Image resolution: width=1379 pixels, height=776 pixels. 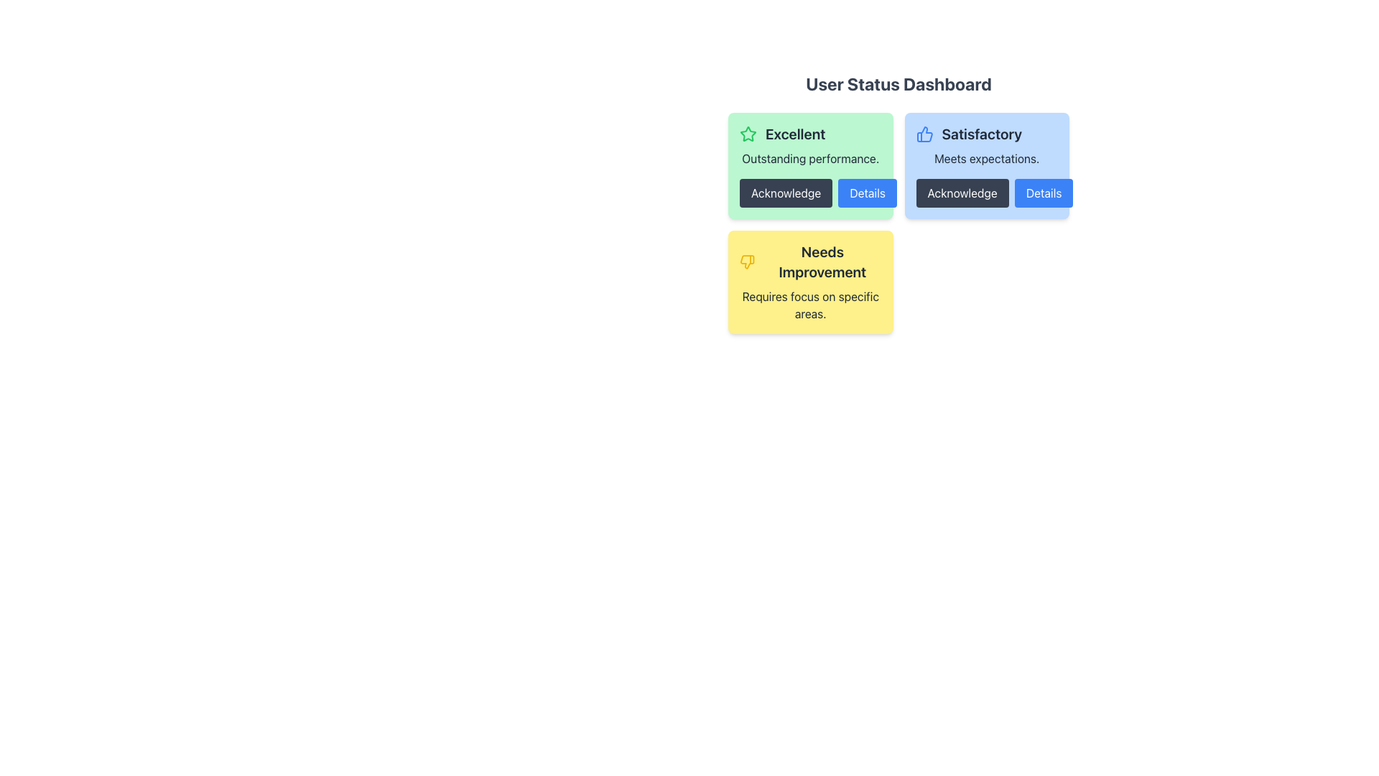 I want to click on text element that displays 'Meets expectations.' in a medium gray font on a light blue background, located below 'Satisfactory' and above 'Acknowledge' and 'Details' buttons, so click(x=986, y=158).